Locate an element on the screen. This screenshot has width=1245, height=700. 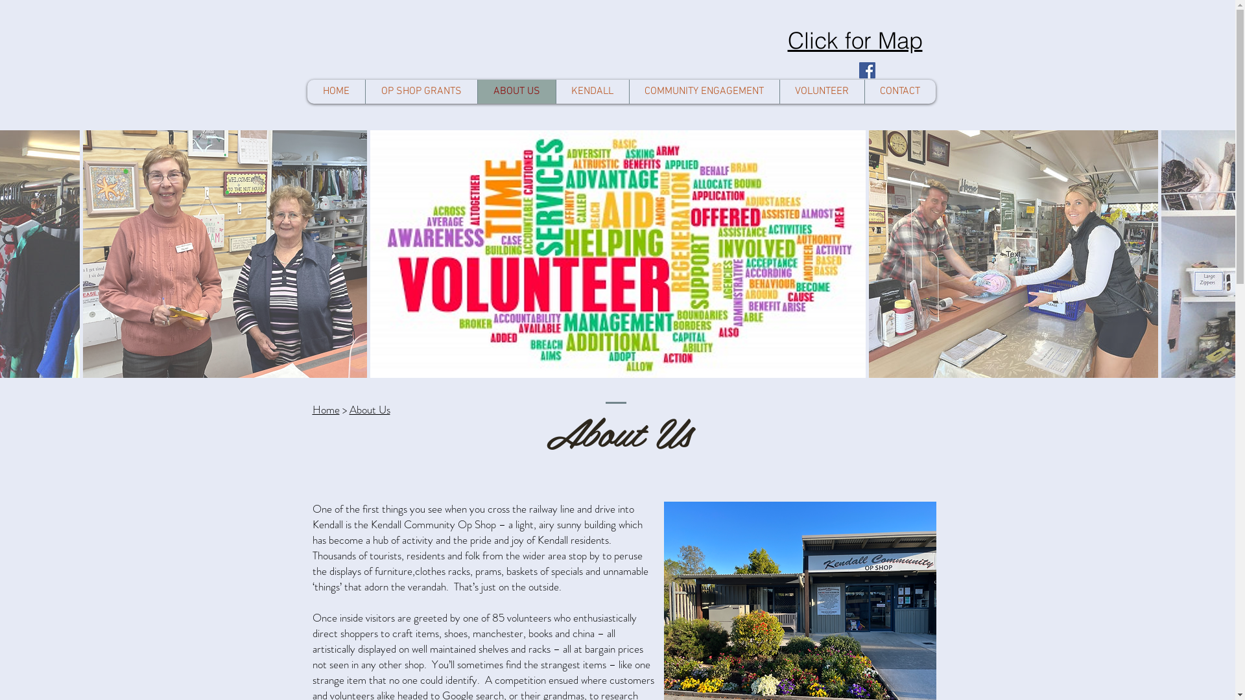
'Home' is located at coordinates (312, 410).